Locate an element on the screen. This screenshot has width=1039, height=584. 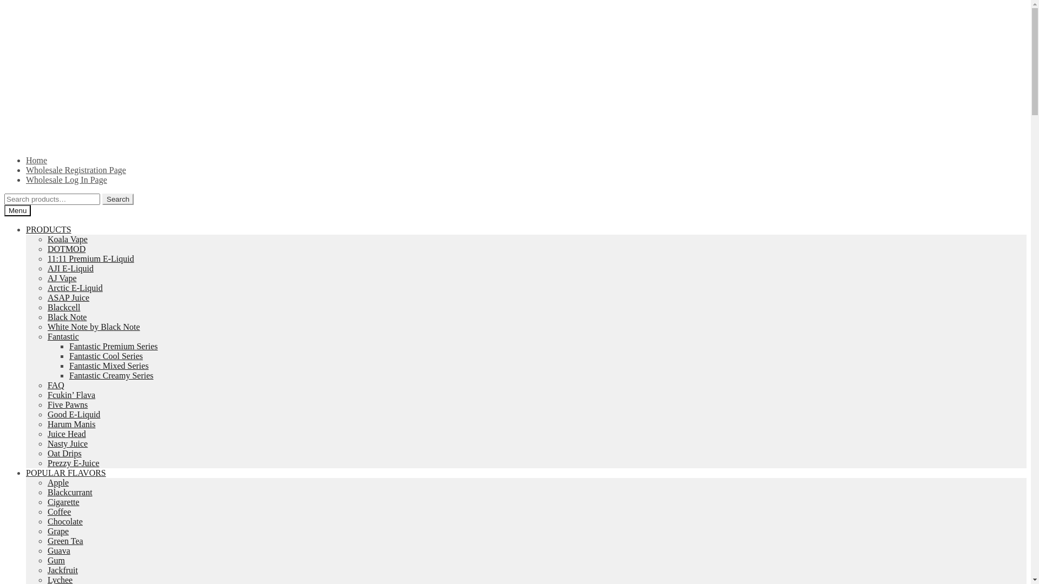
'DOTMOD' is located at coordinates (66, 249).